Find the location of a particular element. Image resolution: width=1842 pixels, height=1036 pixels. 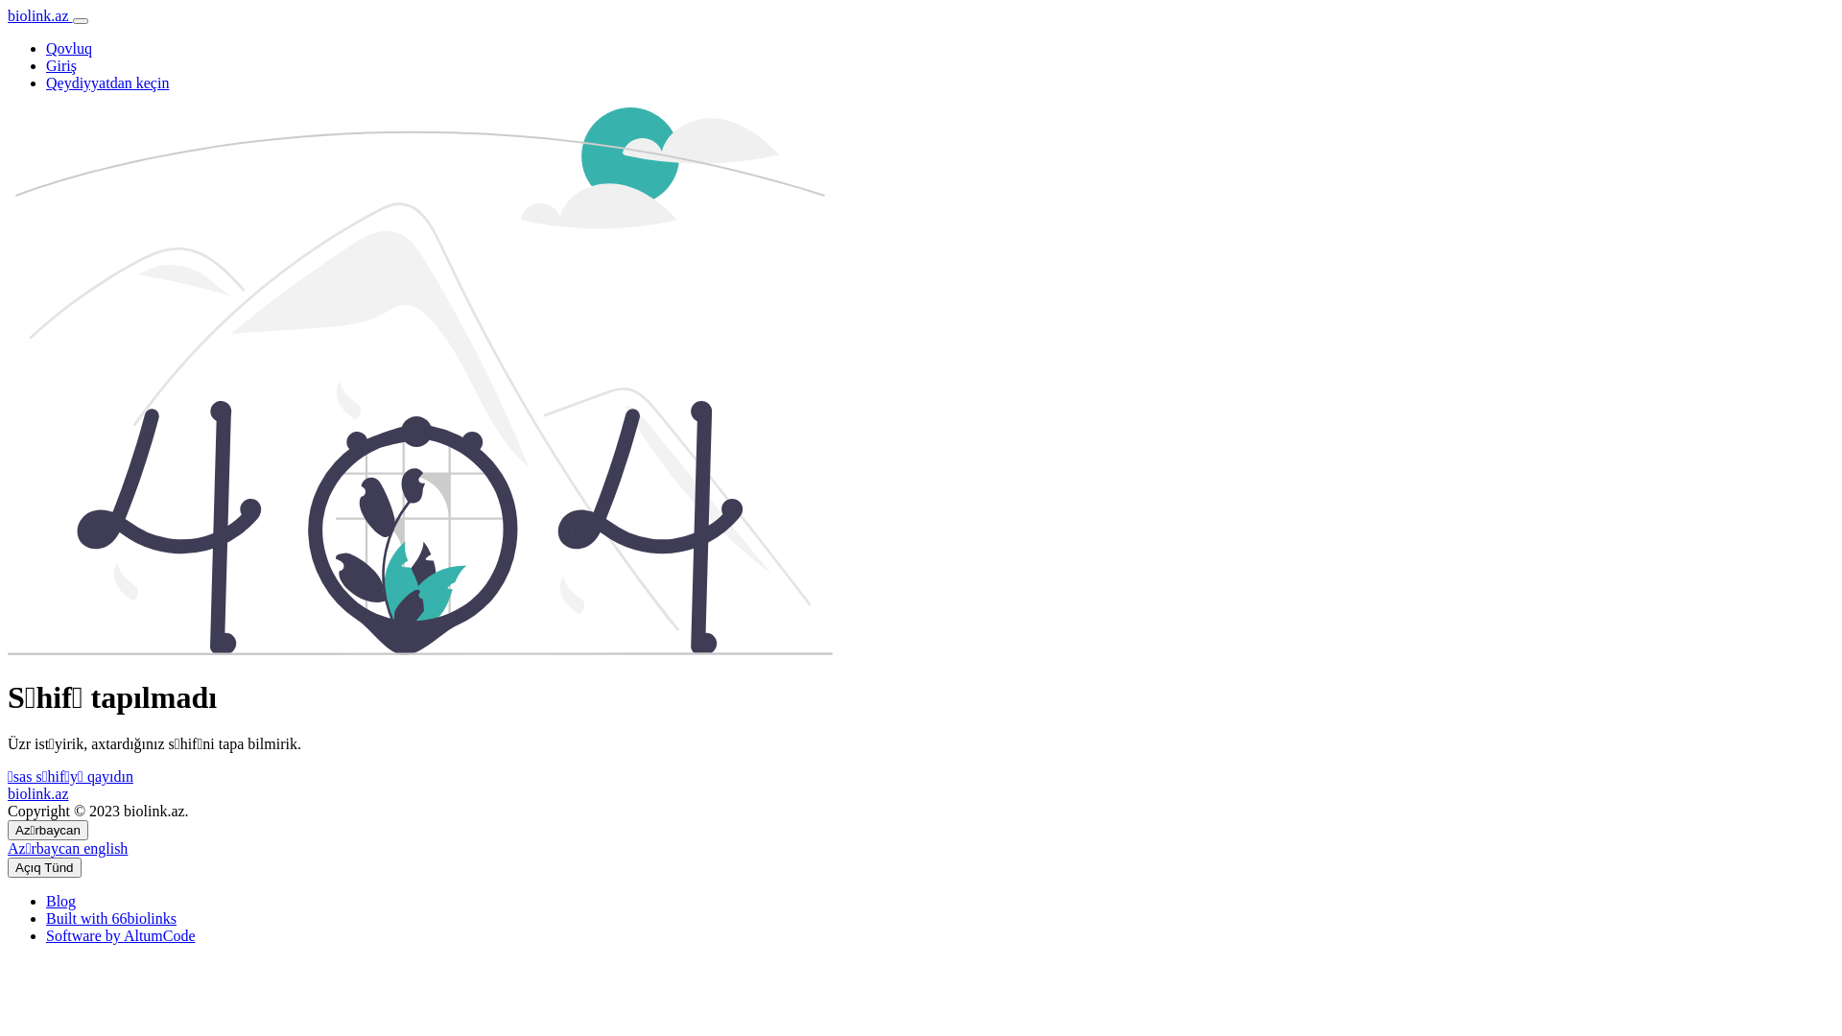

'Software by AltumCode' is located at coordinates (119, 934).